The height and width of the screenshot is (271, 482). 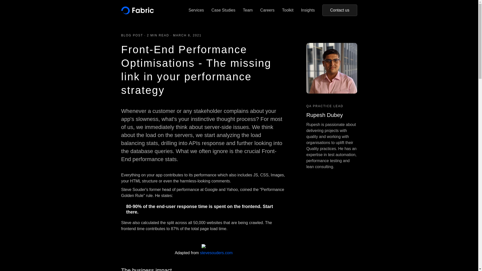 What do you see at coordinates (267, 10) in the screenshot?
I see `'Careers'` at bounding box center [267, 10].